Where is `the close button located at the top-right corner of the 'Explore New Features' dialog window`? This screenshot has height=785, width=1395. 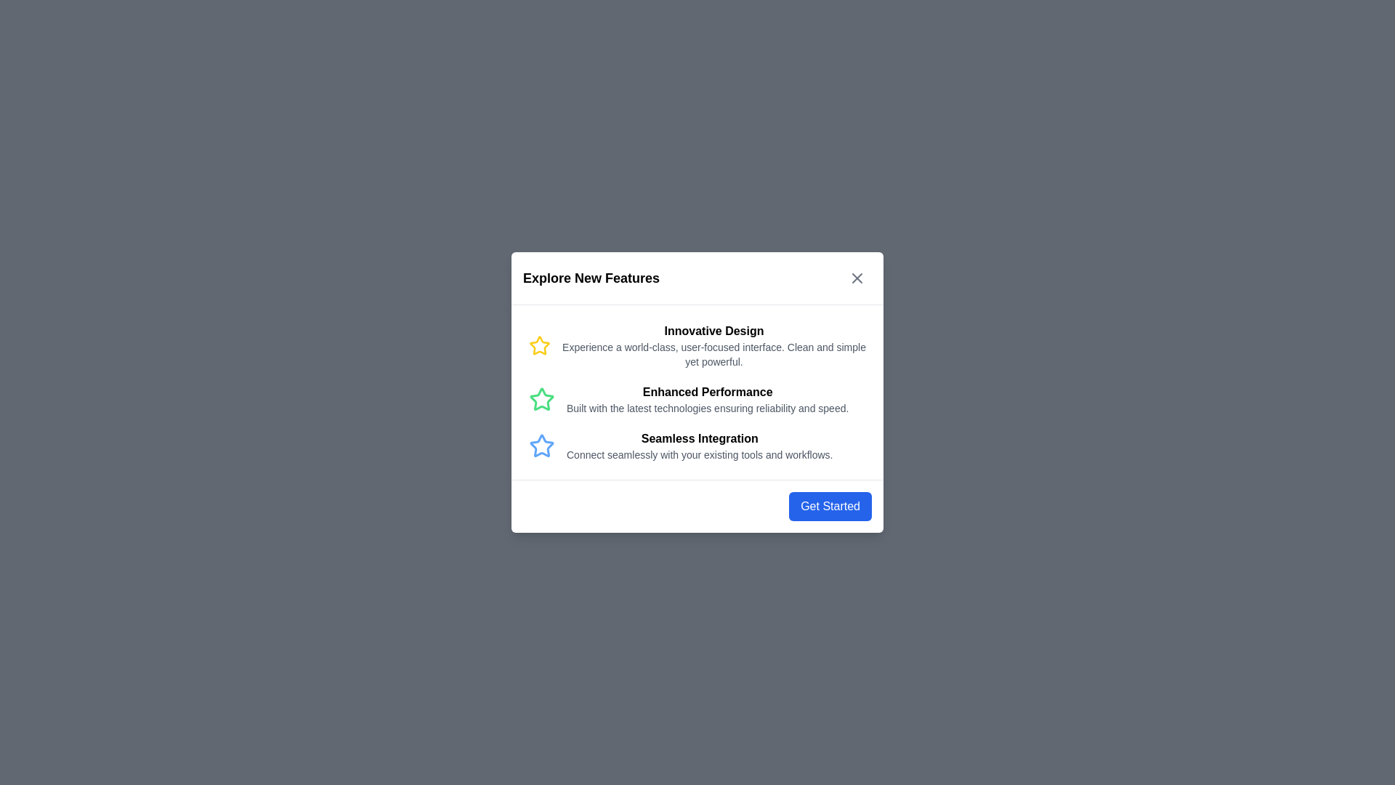 the close button located at the top-right corner of the 'Explore New Features' dialog window is located at coordinates (857, 278).